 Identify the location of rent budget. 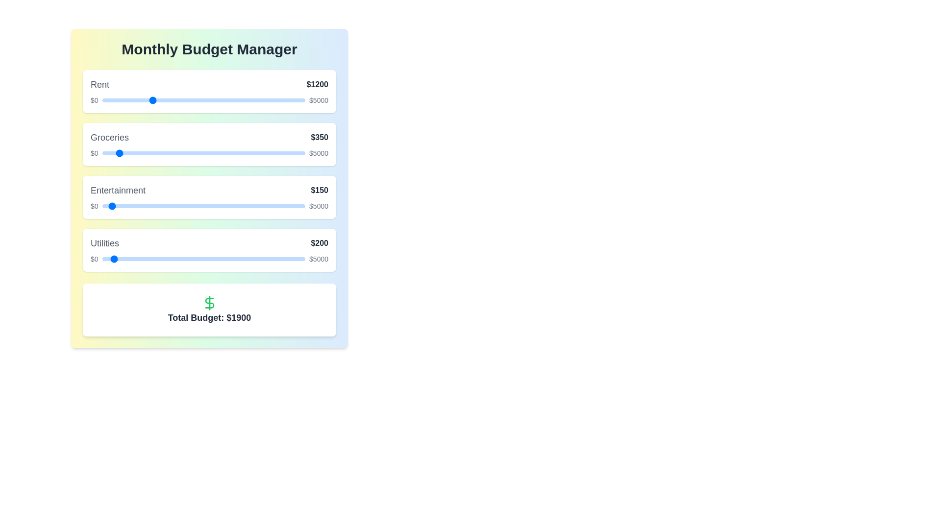
(157, 100).